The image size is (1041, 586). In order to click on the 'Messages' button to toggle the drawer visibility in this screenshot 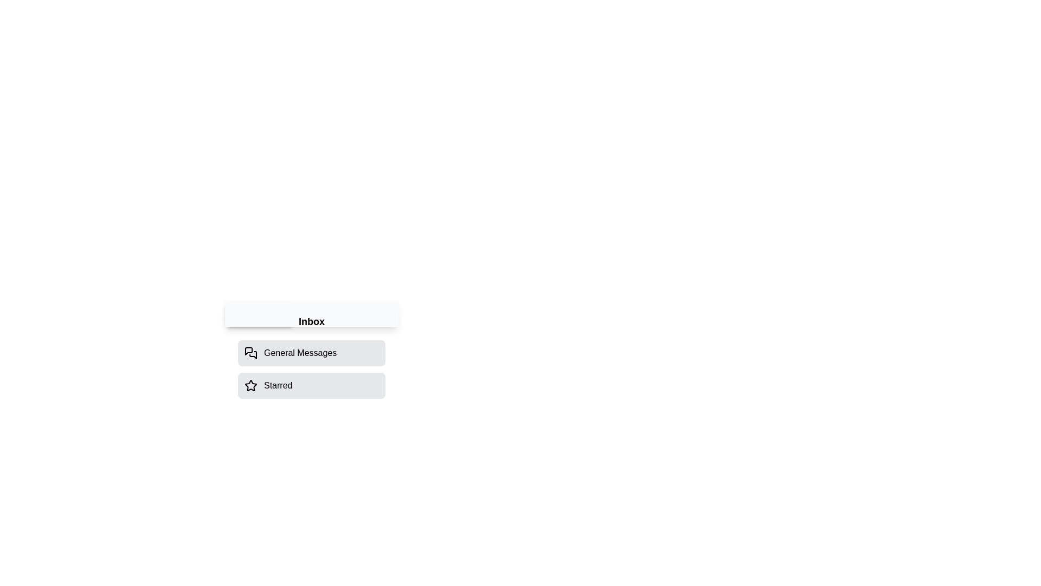, I will do `click(259, 314)`.